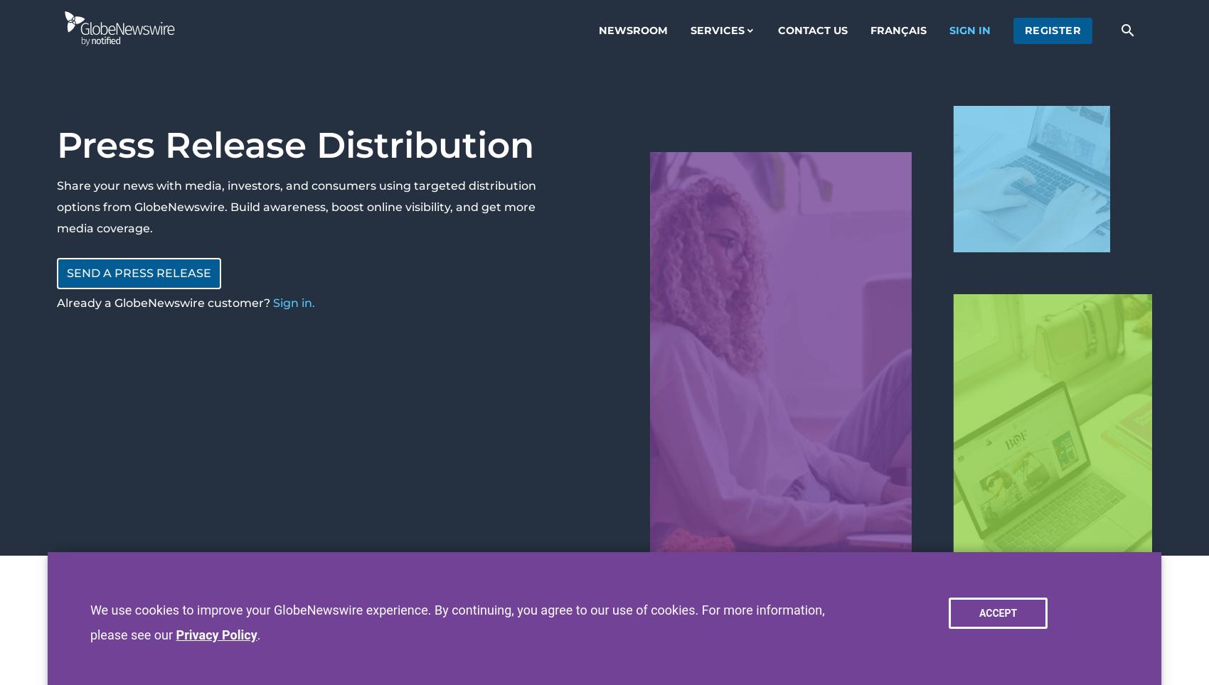 This screenshot has width=1209, height=685. Describe the element at coordinates (969, 30) in the screenshot. I see `'sign in'` at that location.